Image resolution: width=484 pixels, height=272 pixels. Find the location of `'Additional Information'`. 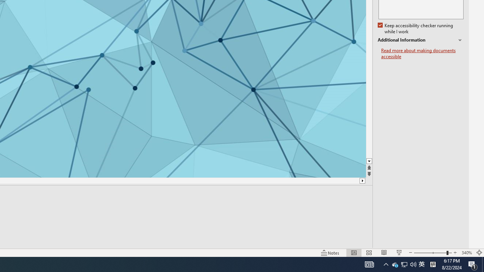

'Additional Information' is located at coordinates (420, 40).